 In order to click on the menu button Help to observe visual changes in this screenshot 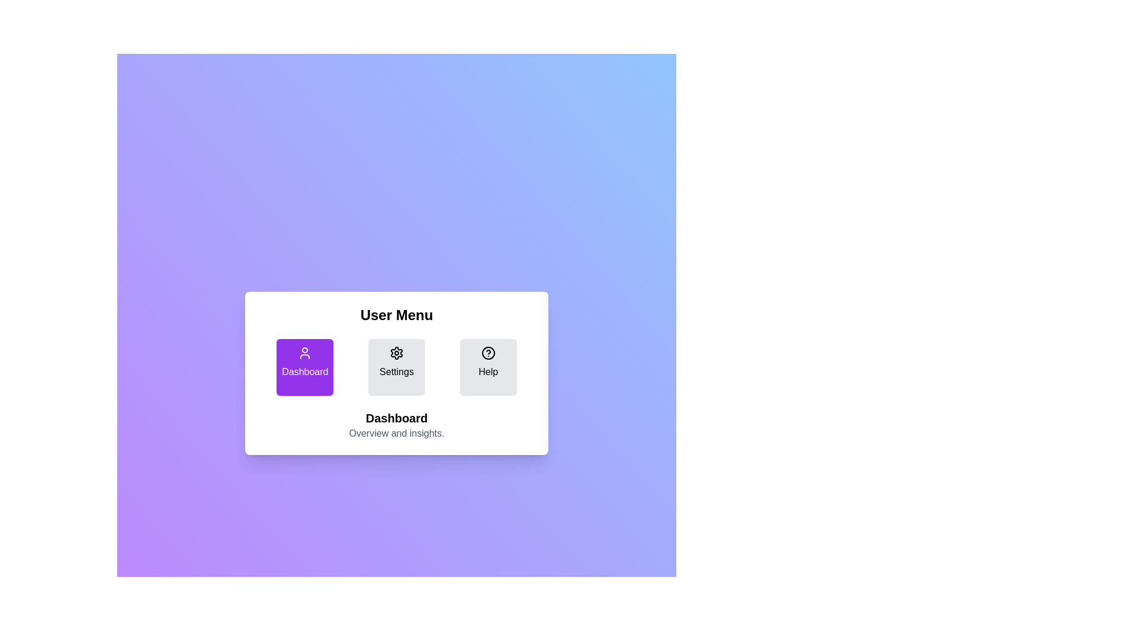, I will do `click(488, 367)`.